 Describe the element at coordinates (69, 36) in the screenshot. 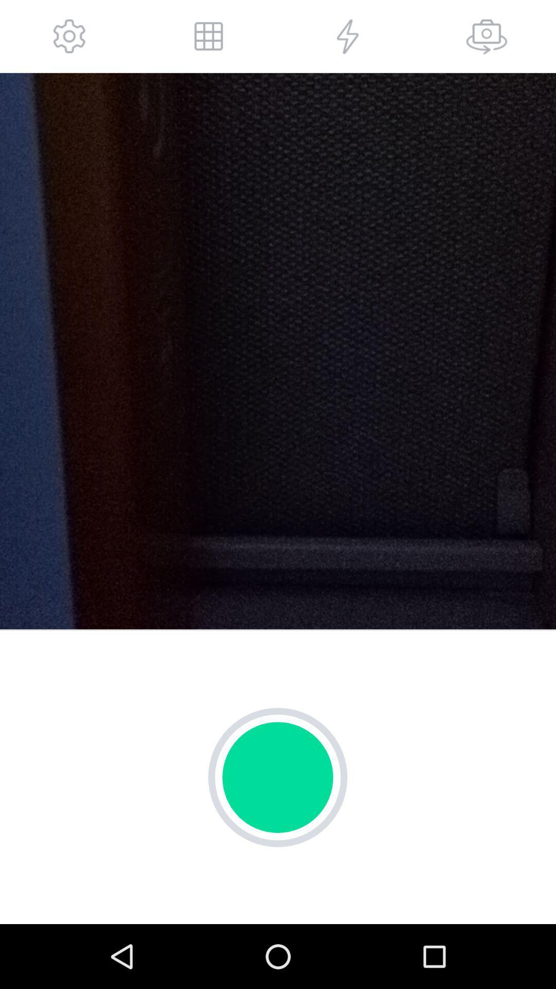

I see `settings` at that location.